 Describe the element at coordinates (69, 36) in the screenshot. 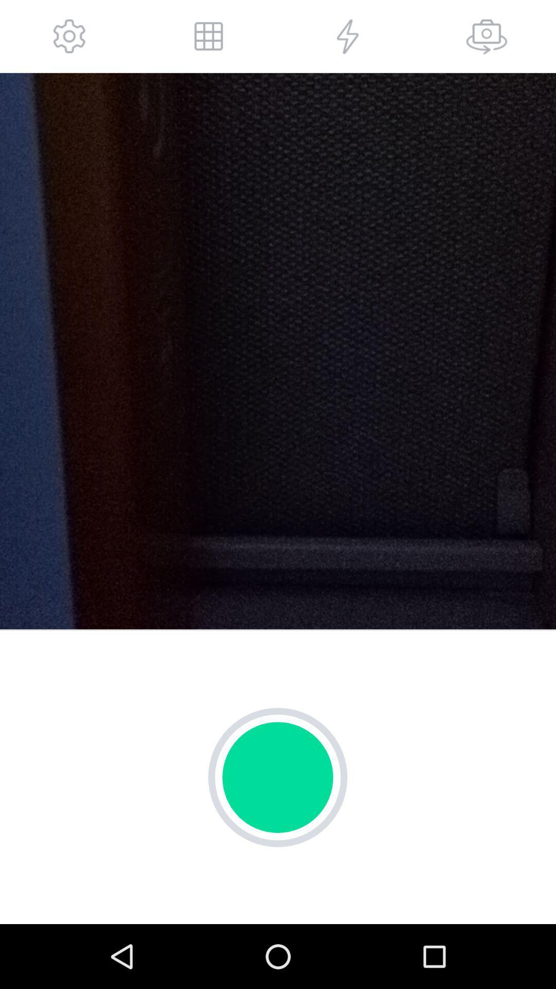

I see `settings` at that location.